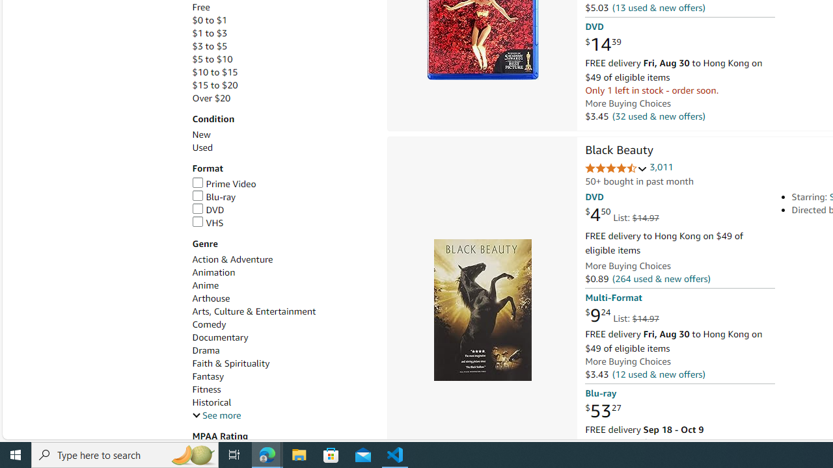  What do you see at coordinates (658, 8) in the screenshot?
I see `'(13 used & new offers)'` at bounding box center [658, 8].